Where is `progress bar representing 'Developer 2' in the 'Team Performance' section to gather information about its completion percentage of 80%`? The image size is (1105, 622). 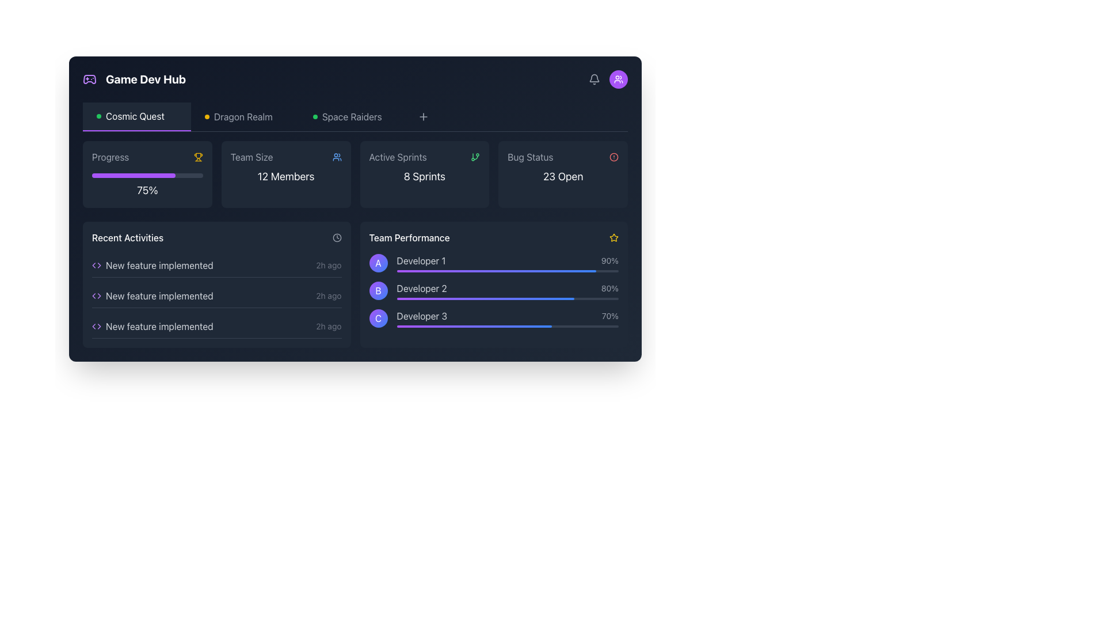 progress bar representing 'Developer 2' in the 'Team Performance' section to gather information about its completion percentage of 80% is located at coordinates (485, 298).